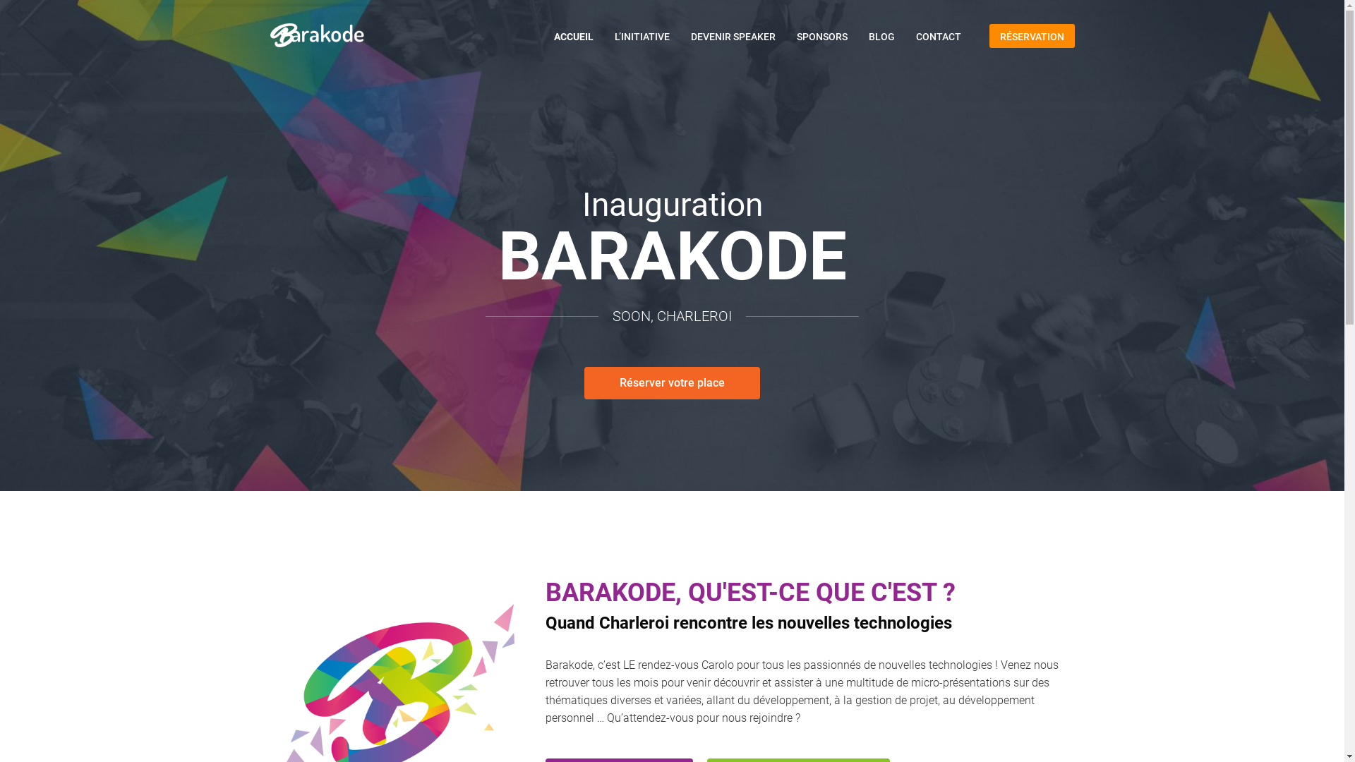  What do you see at coordinates (938, 35) in the screenshot?
I see `'CONTACT'` at bounding box center [938, 35].